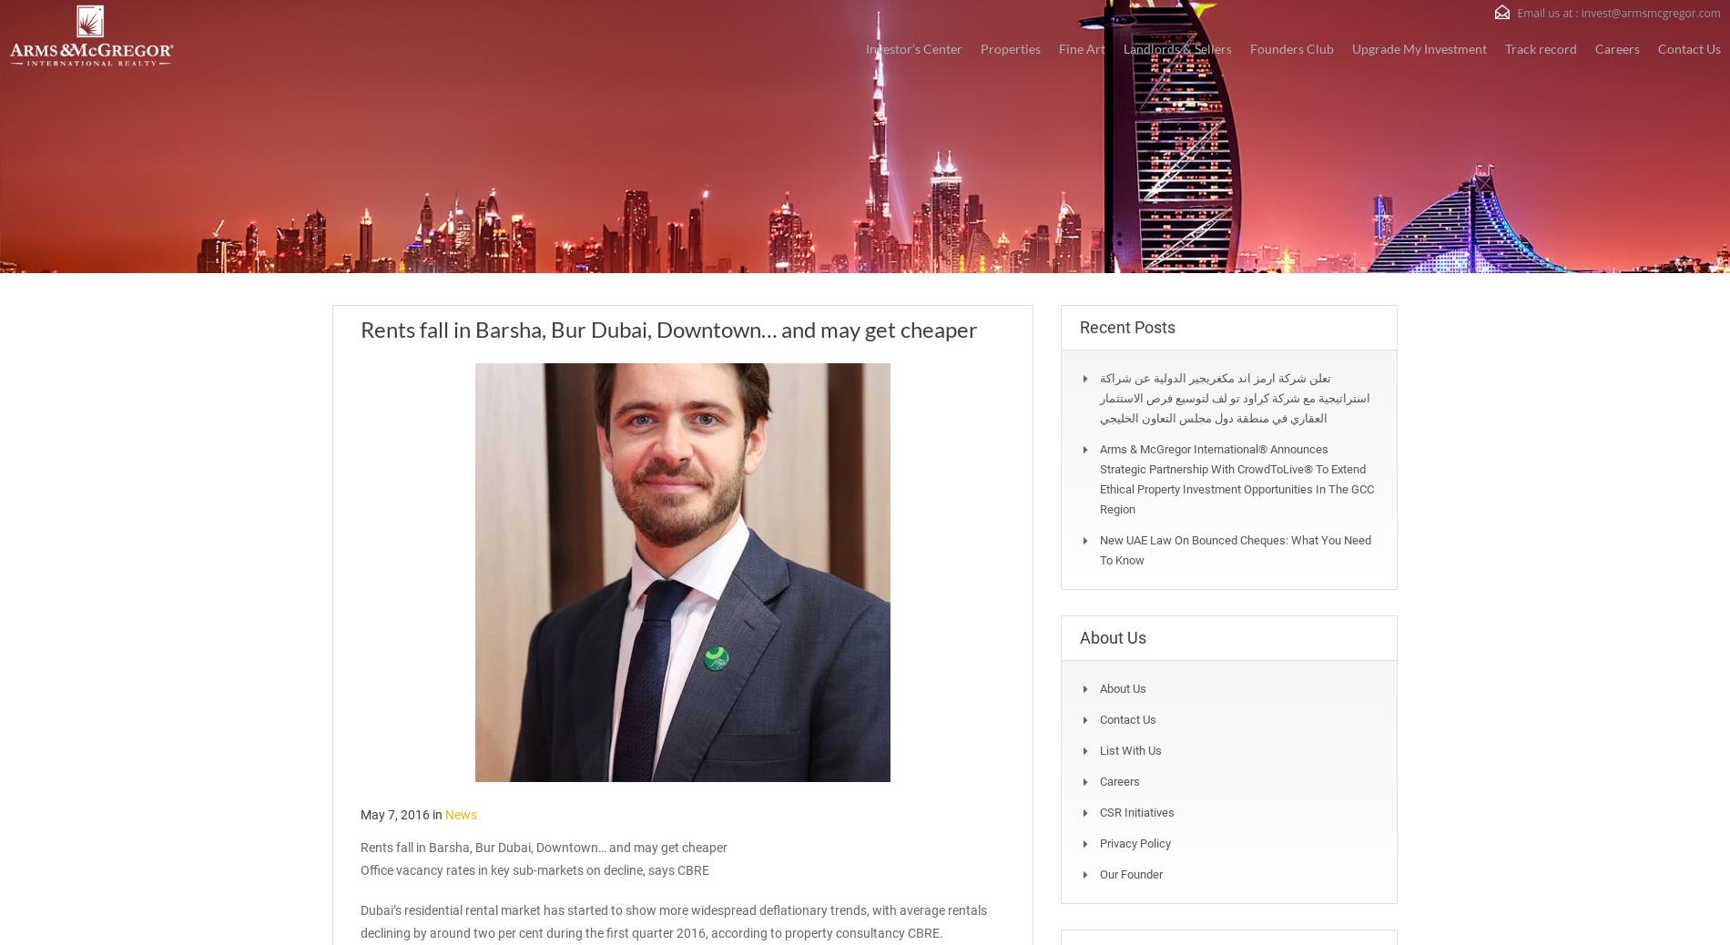 The height and width of the screenshot is (945, 1730). Describe the element at coordinates (1649, 12) in the screenshot. I see `'invest@armsmcgregor.com'` at that location.